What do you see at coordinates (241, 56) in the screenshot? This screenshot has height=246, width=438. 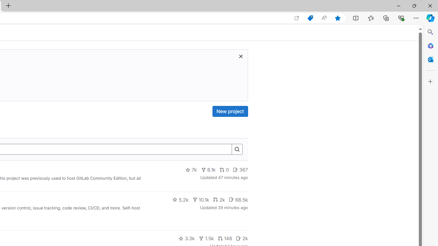 I see `'Class: s16 gl-icon gl-button-icon '` at bounding box center [241, 56].